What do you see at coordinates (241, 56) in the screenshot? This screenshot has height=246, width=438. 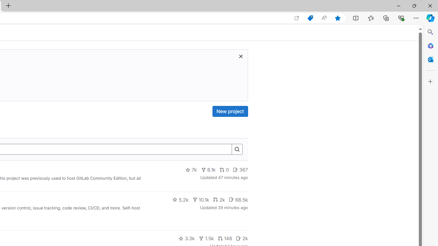 I see `'Class: s16 gl-icon gl-button-icon '` at bounding box center [241, 56].